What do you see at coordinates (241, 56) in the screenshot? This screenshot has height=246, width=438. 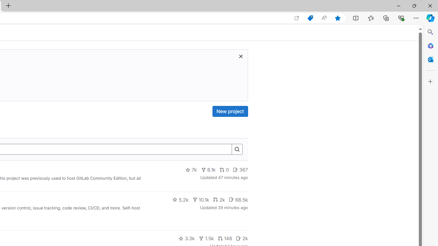 I see `'Class: s16 gl-icon gl-button-icon '` at bounding box center [241, 56].